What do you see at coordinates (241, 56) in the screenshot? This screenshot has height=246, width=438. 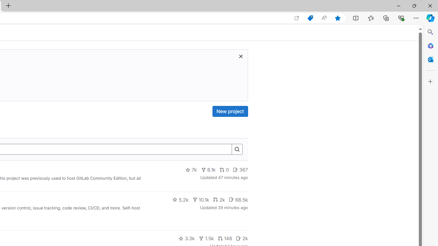 I see `'Class: s16 gl-icon gl-button-icon '` at bounding box center [241, 56].